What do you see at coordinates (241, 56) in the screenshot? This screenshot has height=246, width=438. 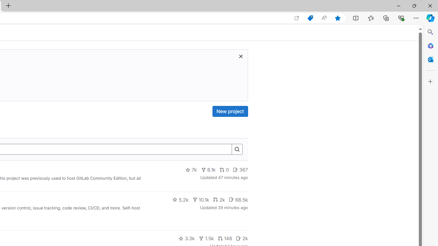 I see `'Class: s16 gl-icon gl-button-icon '` at bounding box center [241, 56].